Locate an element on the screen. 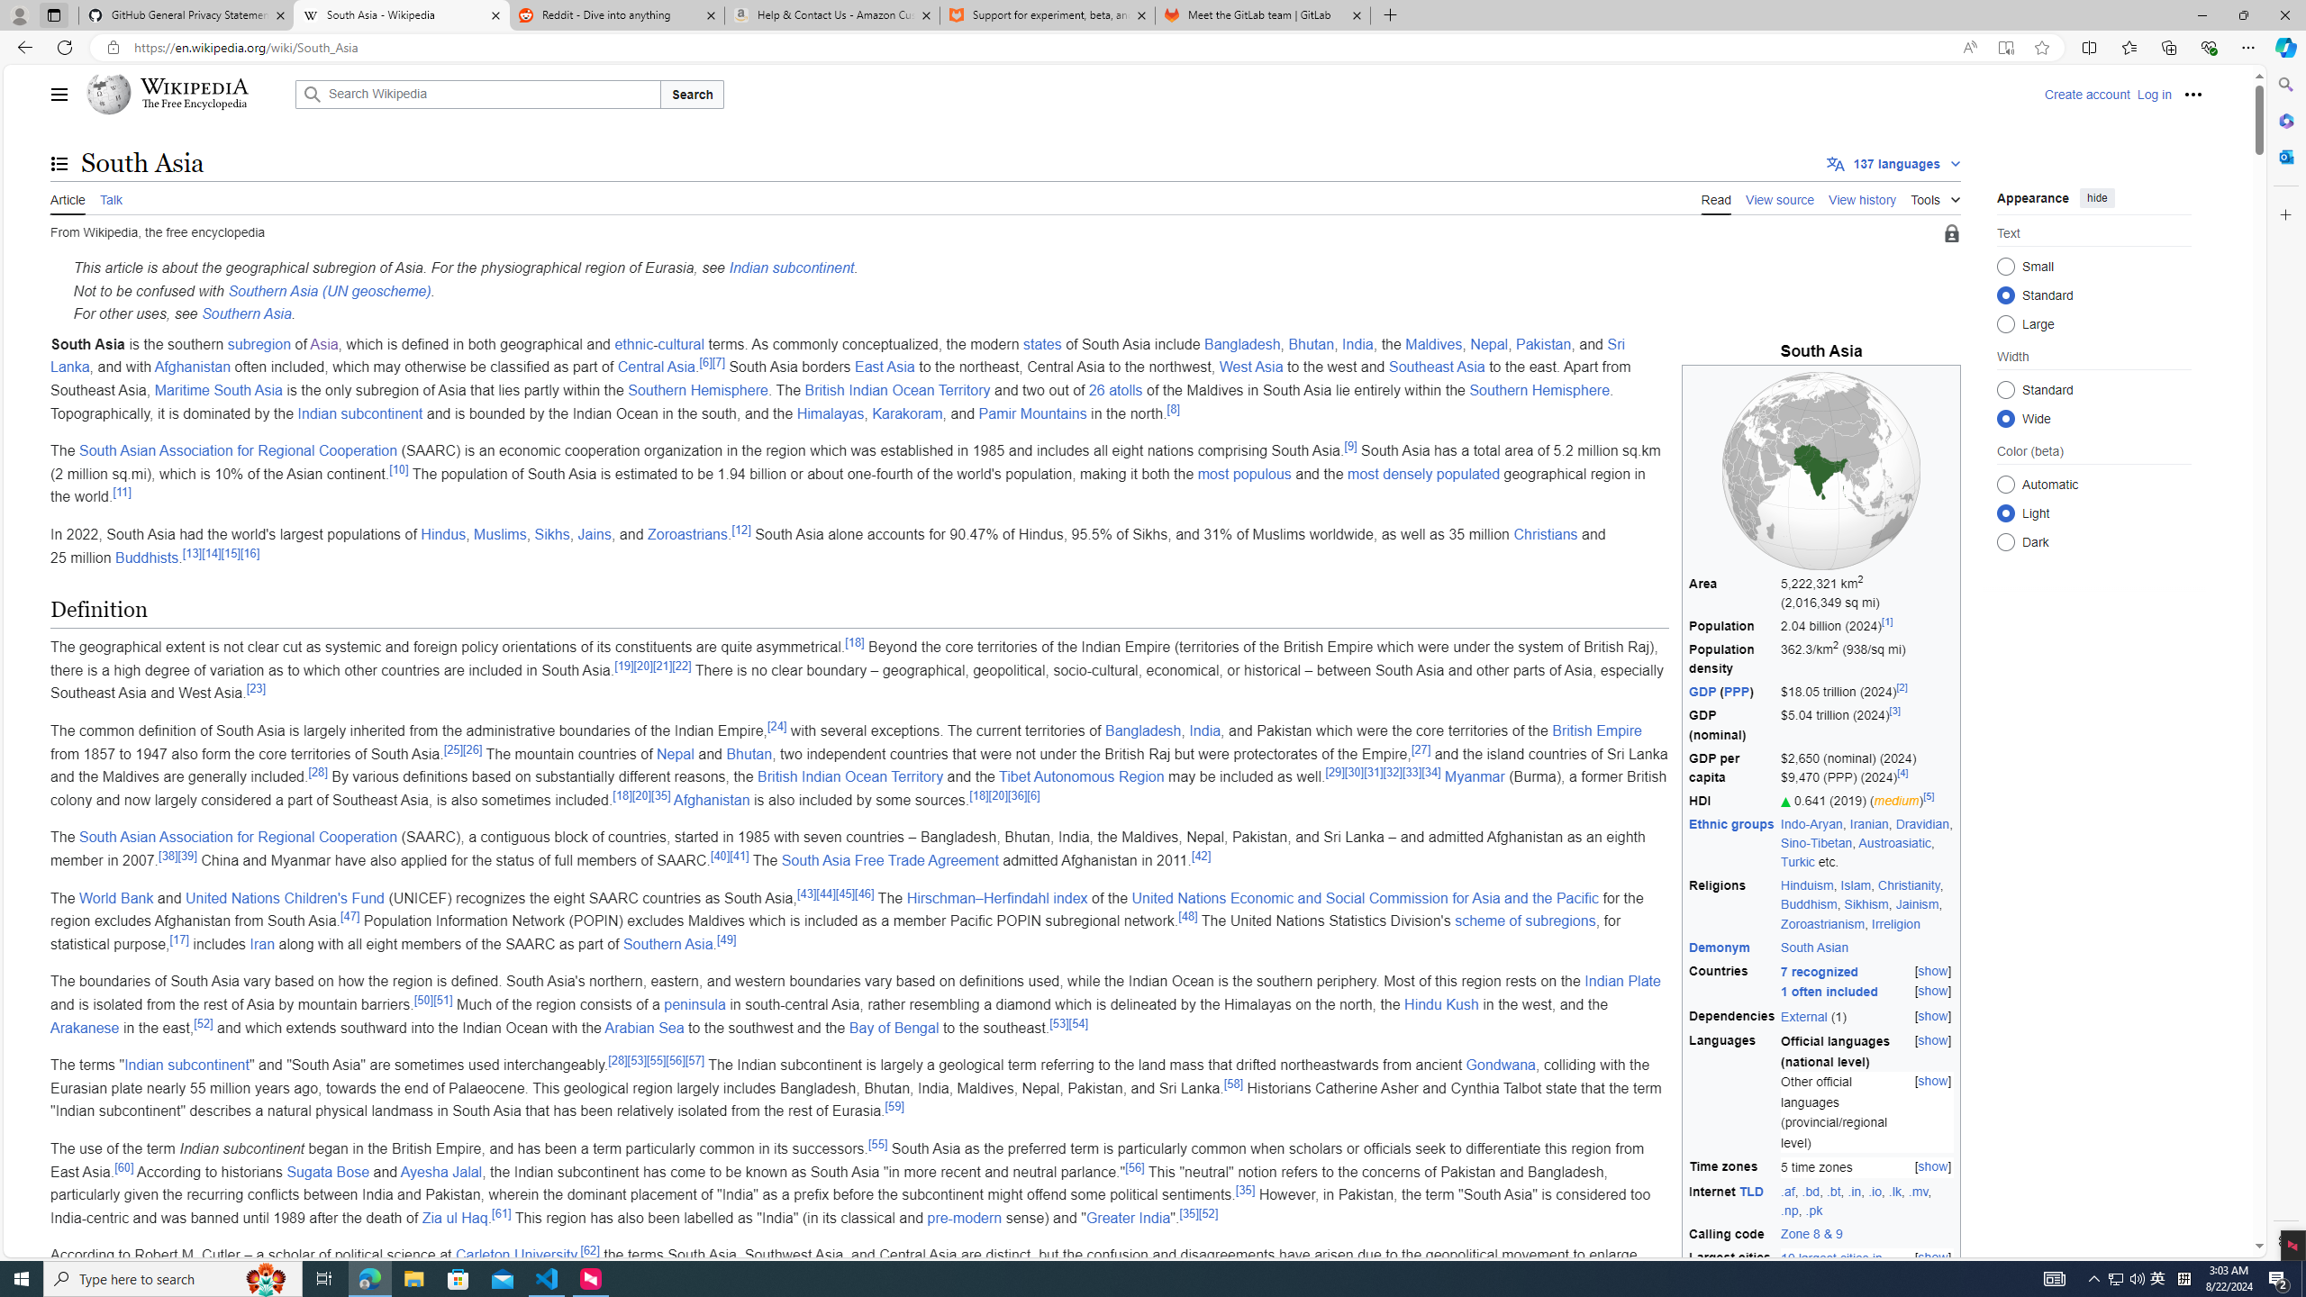  'Large' is located at coordinates (2005, 323).